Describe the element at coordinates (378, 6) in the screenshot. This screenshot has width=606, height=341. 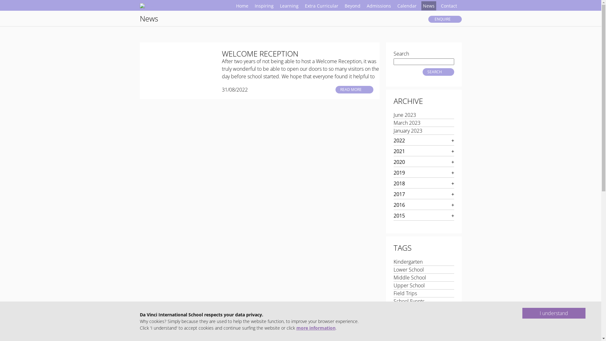
I see `'Admissions'` at that location.